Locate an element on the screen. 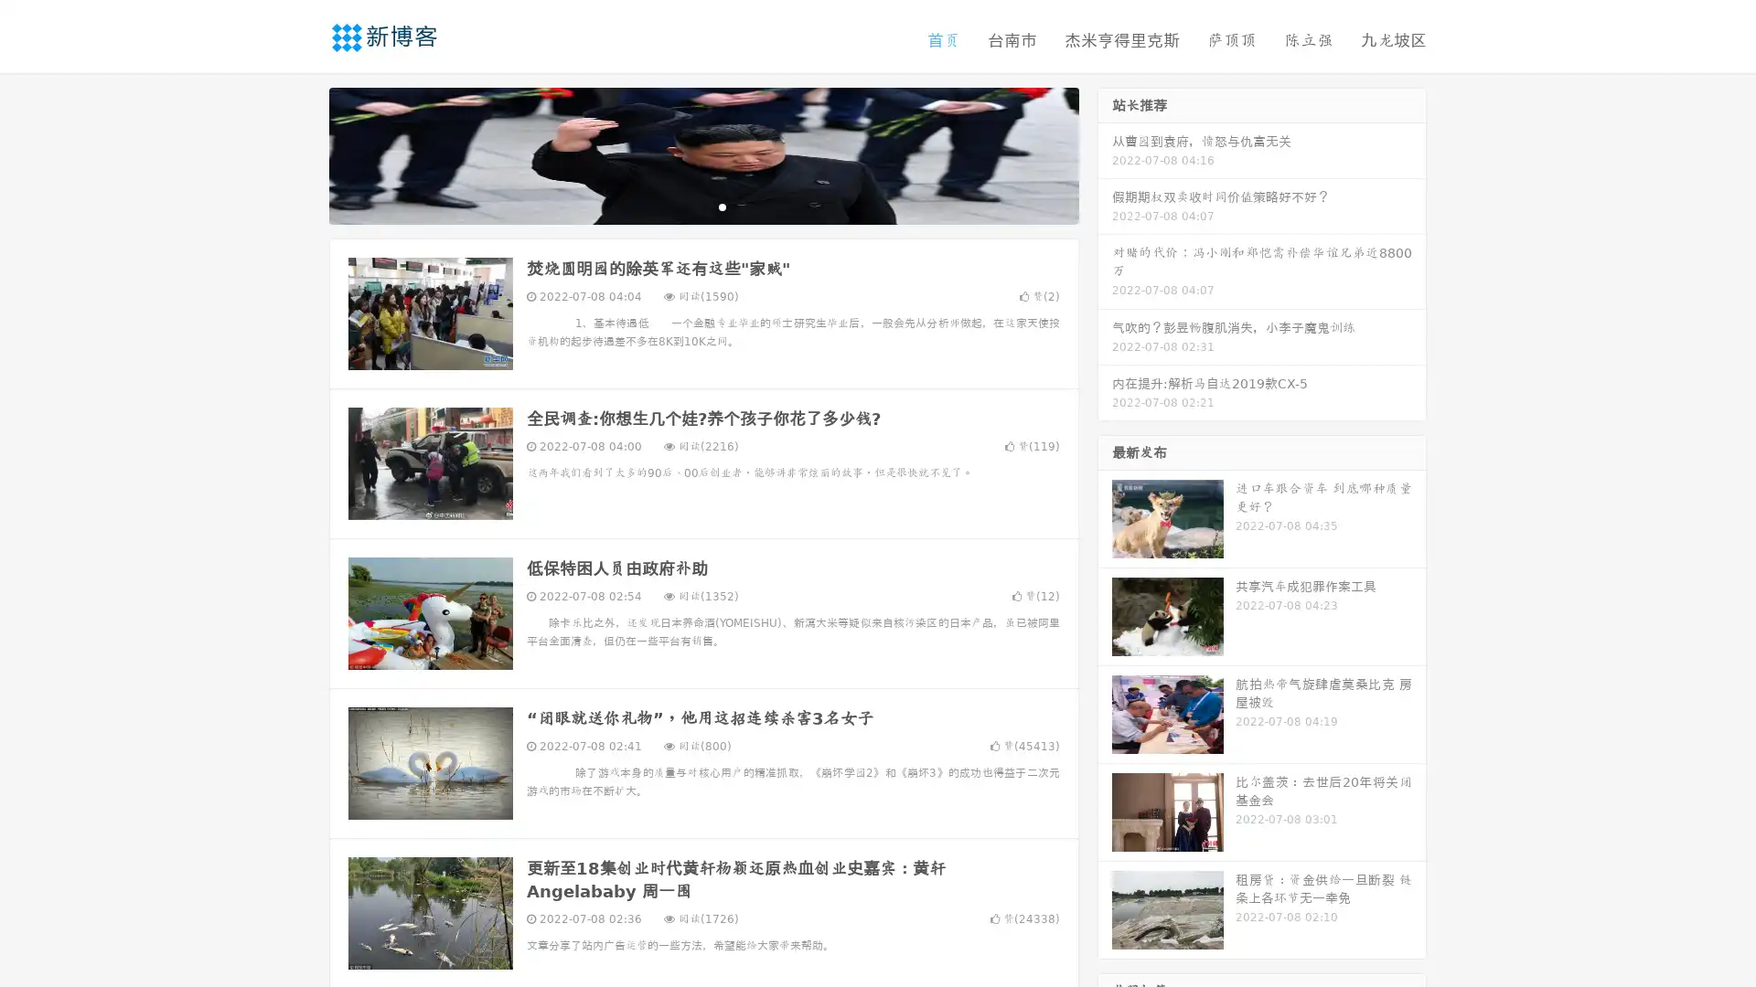  Previous slide is located at coordinates (302, 154).